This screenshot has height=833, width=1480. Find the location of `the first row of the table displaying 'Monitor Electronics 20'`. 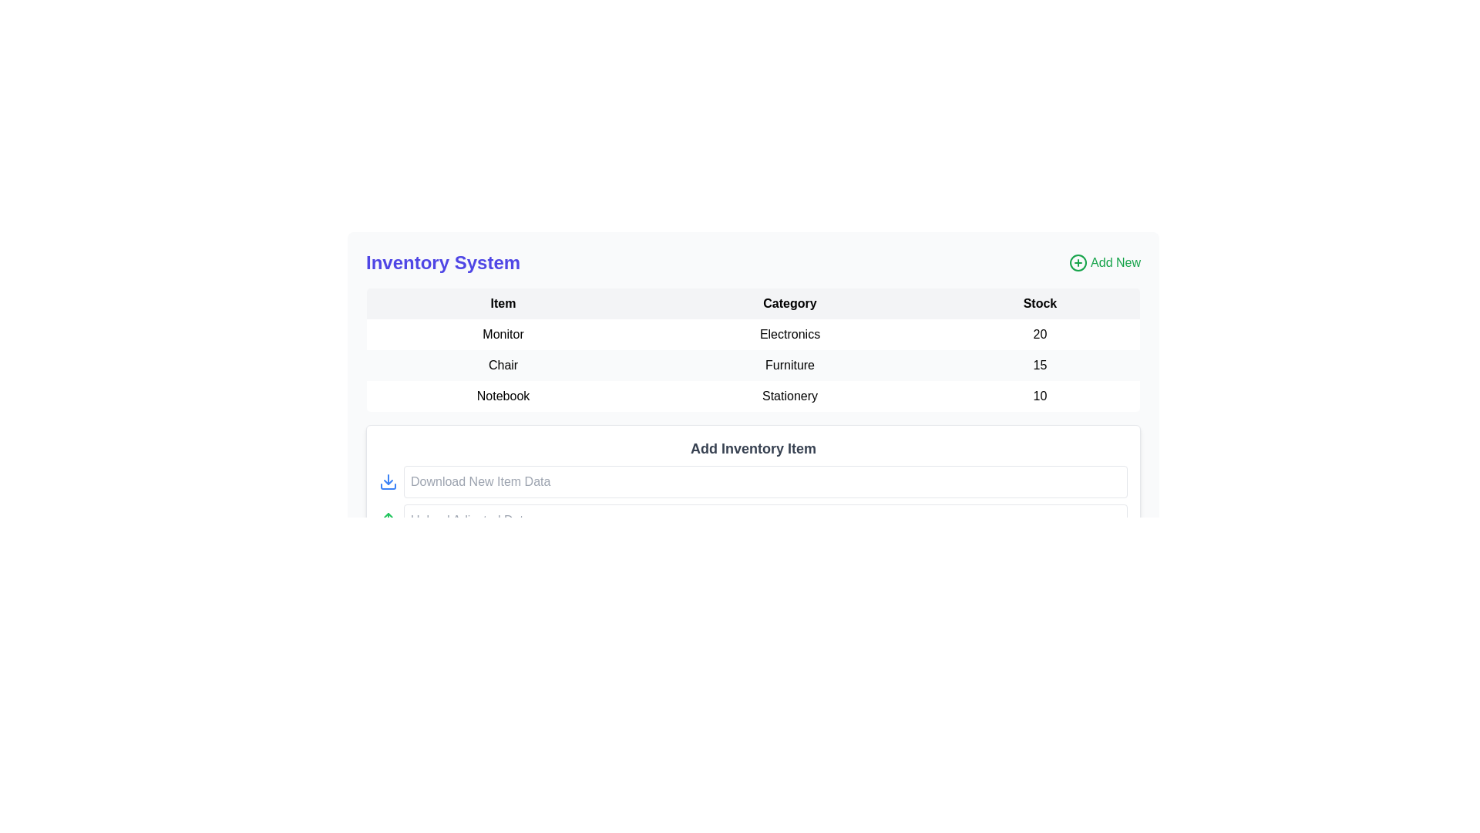

the first row of the table displaying 'Monitor Electronics 20' is located at coordinates (753, 334).